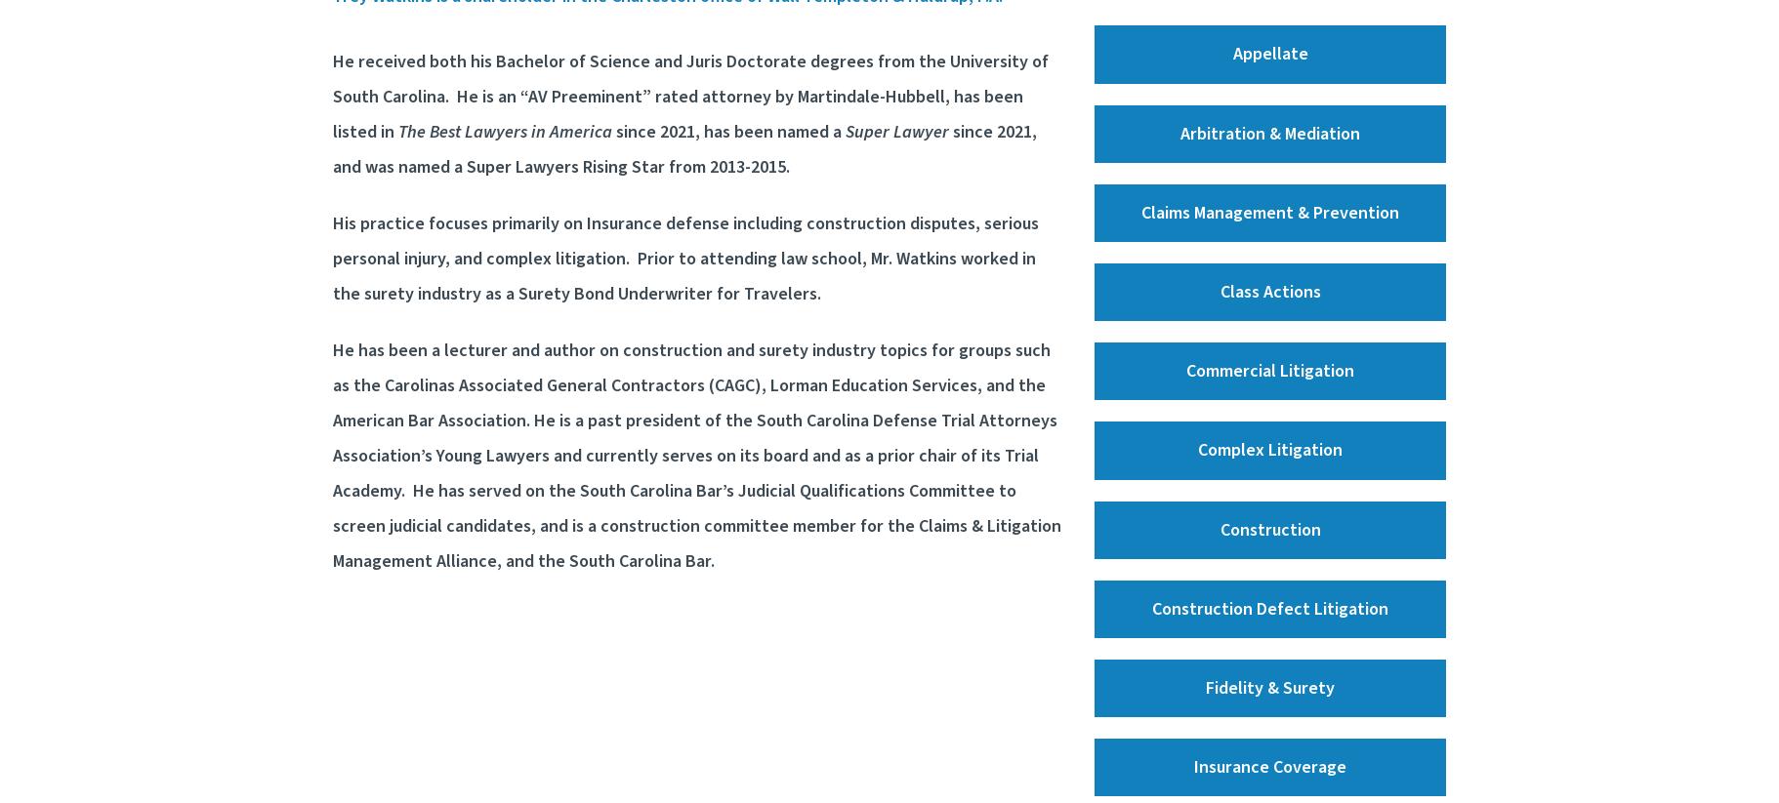 The height and width of the screenshot is (803, 1779). I want to click on 'Appellate', so click(1268, 54).